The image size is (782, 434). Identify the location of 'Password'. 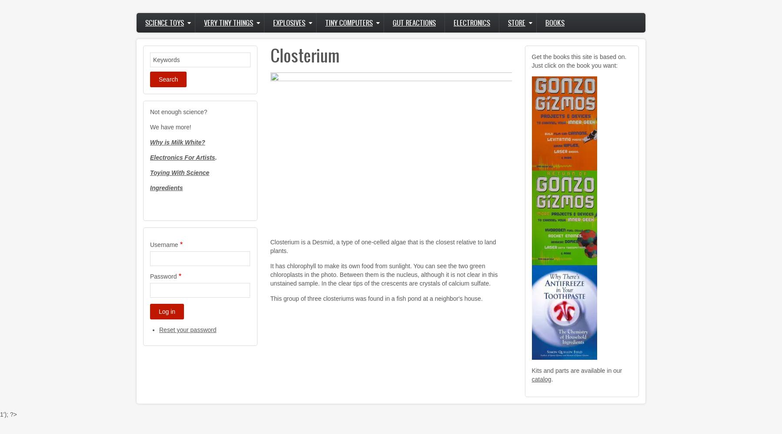
(150, 276).